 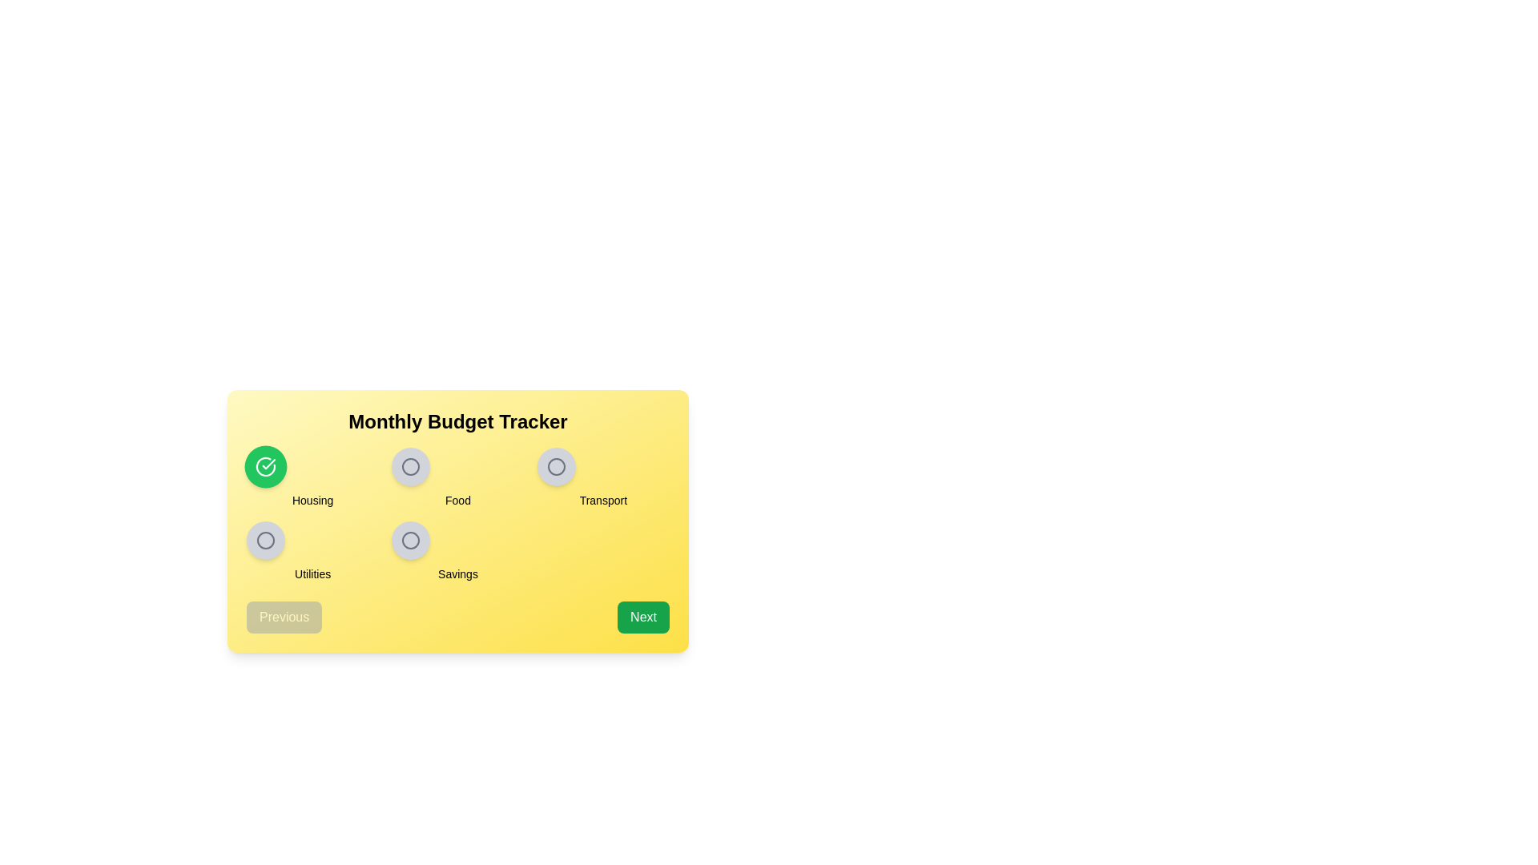 What do you see at coordinates (265, 541) in the screenshot?
I see `the circular SVG icon styled with the class 'lucide-circle' located beneath the checkmark icon and adjacent to the label 'Utilities' in the Monthly Budget Tracker interface` at bounding box center [265, 541].